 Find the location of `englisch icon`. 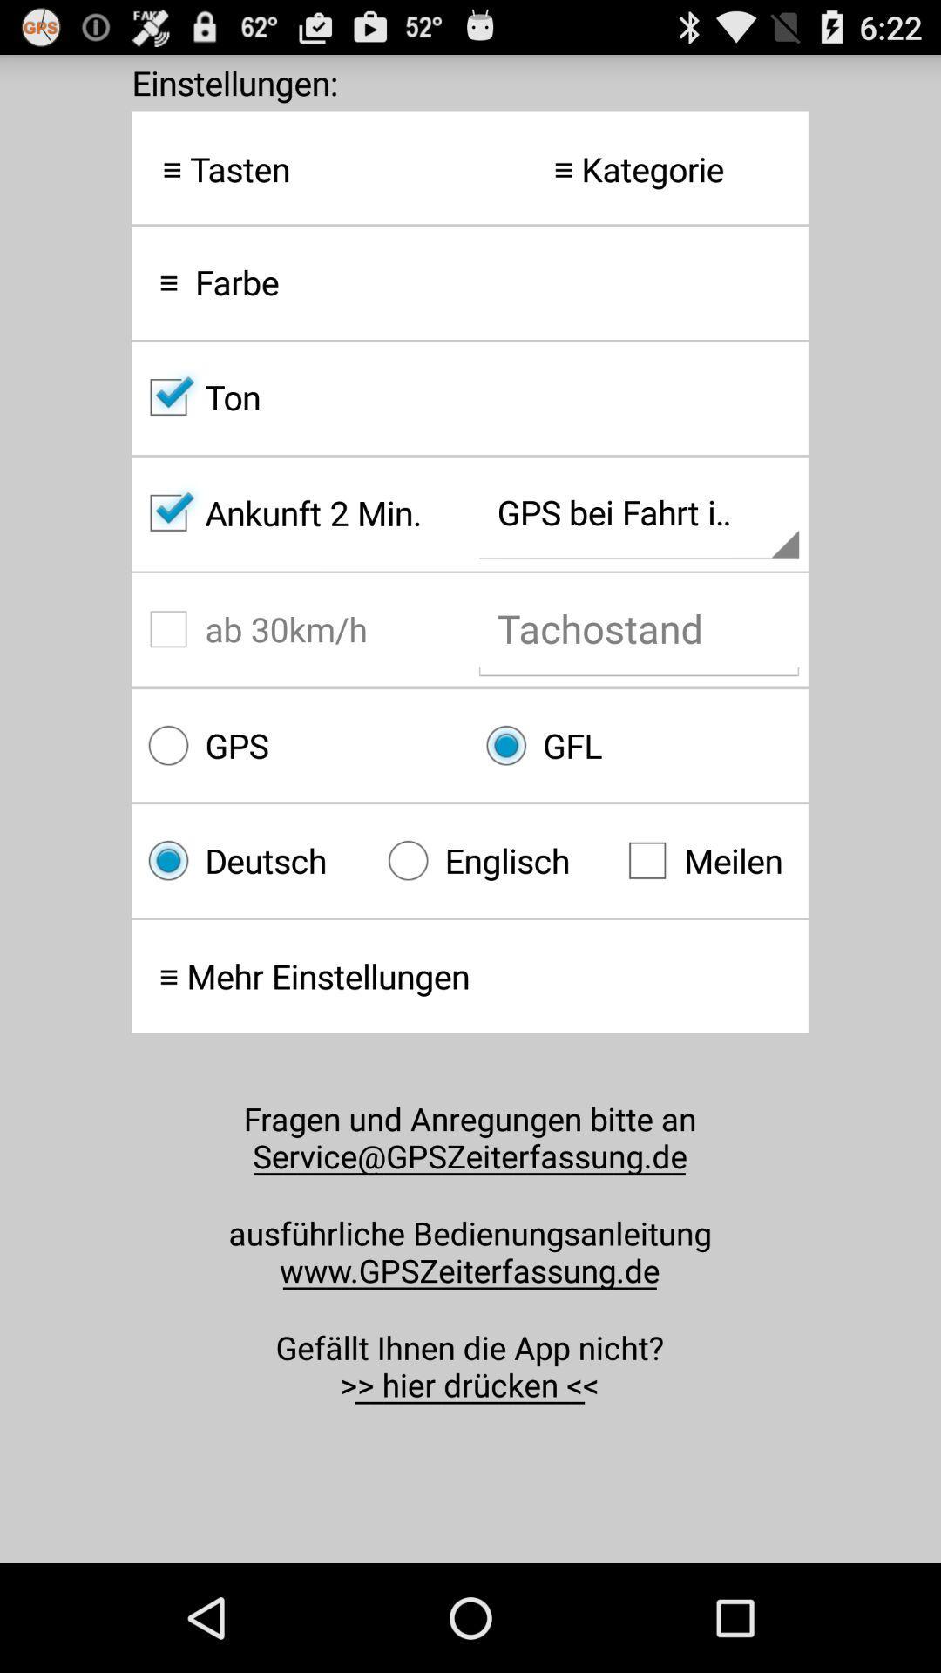

englisch icon is located at coordinates (491, 860).